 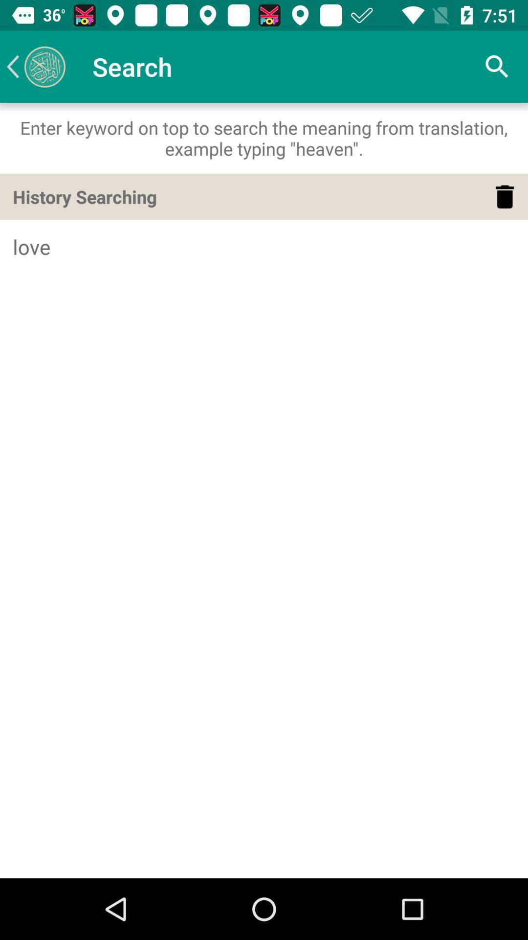 What do you see at coordinates (264, 247) in the screenshot?
I see `love icon` at bounding box center [264, 247].